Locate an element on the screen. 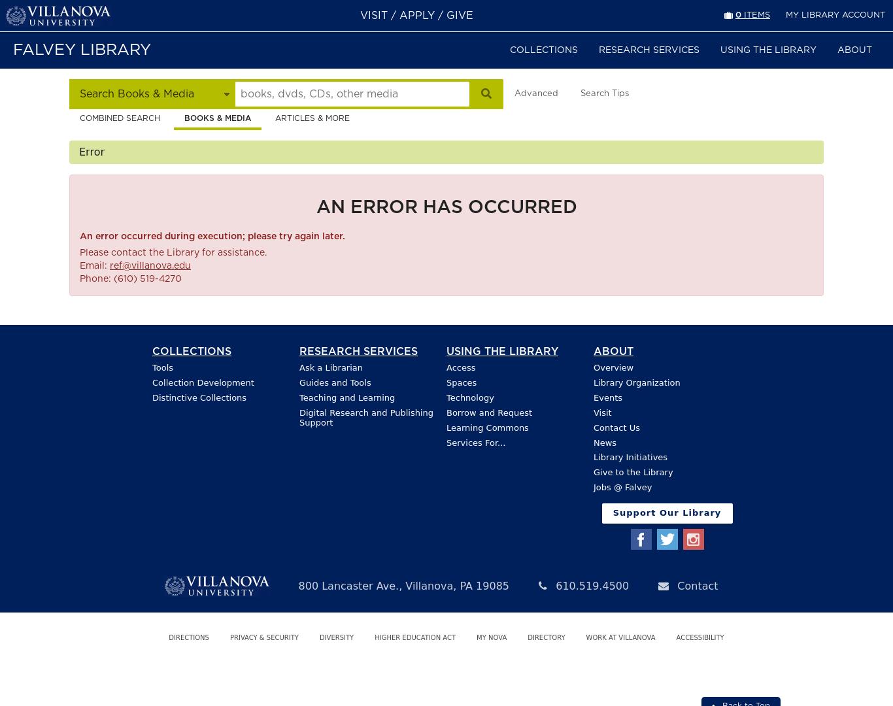  'Library Organization' is located at coordinates (636, 382).